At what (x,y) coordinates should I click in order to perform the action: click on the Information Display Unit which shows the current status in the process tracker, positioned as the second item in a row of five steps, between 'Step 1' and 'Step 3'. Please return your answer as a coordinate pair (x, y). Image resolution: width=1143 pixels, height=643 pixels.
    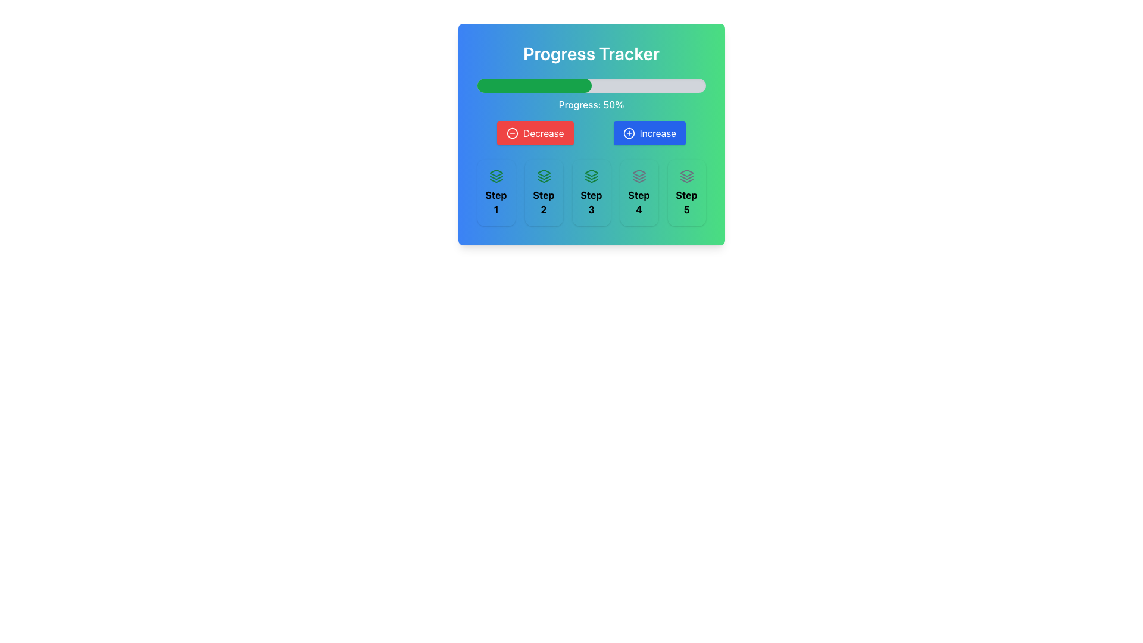
    Looking at the image, I should click on (543, 192).